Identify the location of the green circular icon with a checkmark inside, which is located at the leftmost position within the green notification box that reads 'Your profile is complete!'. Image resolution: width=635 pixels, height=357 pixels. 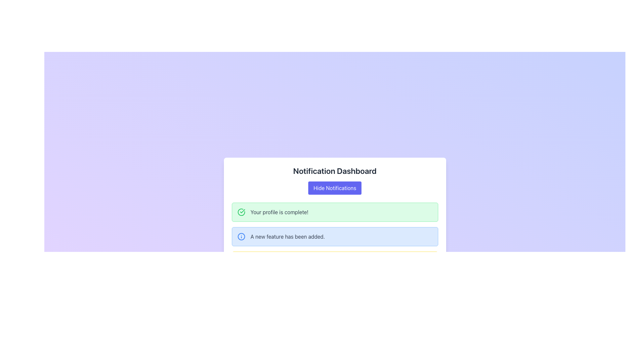
(241, 212).